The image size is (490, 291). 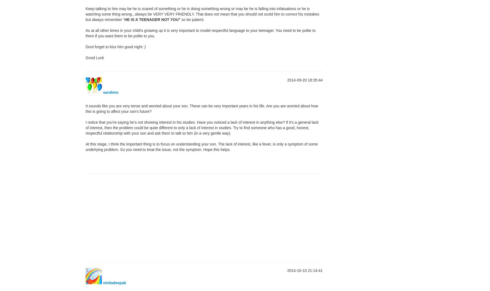 What do you see at coordinates (85, 57) in the screenshot?
I see `'Good Luck'` at bounding box center [85, 57].